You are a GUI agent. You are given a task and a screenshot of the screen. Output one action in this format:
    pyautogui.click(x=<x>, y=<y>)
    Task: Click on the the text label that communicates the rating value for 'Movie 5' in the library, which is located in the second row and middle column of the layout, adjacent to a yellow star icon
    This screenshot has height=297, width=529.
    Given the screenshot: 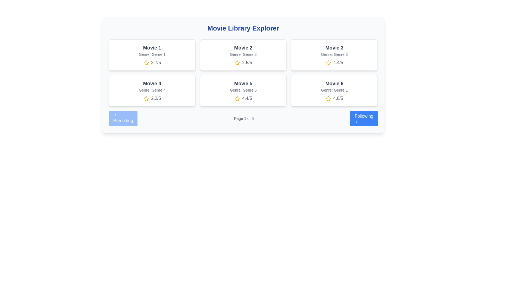 What is the action you would take?
    pyautogui.click(x=247, y=98)
    